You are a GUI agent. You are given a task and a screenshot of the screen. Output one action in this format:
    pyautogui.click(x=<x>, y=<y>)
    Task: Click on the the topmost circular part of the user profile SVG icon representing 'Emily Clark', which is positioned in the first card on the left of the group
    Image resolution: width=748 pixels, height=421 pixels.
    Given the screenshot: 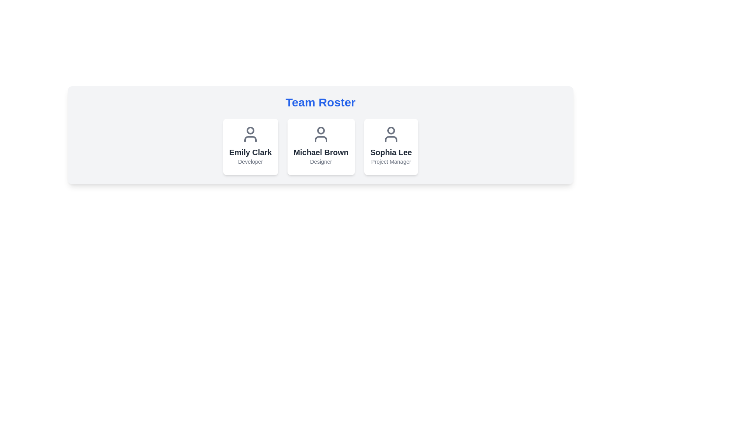 What is the action you would take?
    pyautogui.click(x=251, y=130)
    